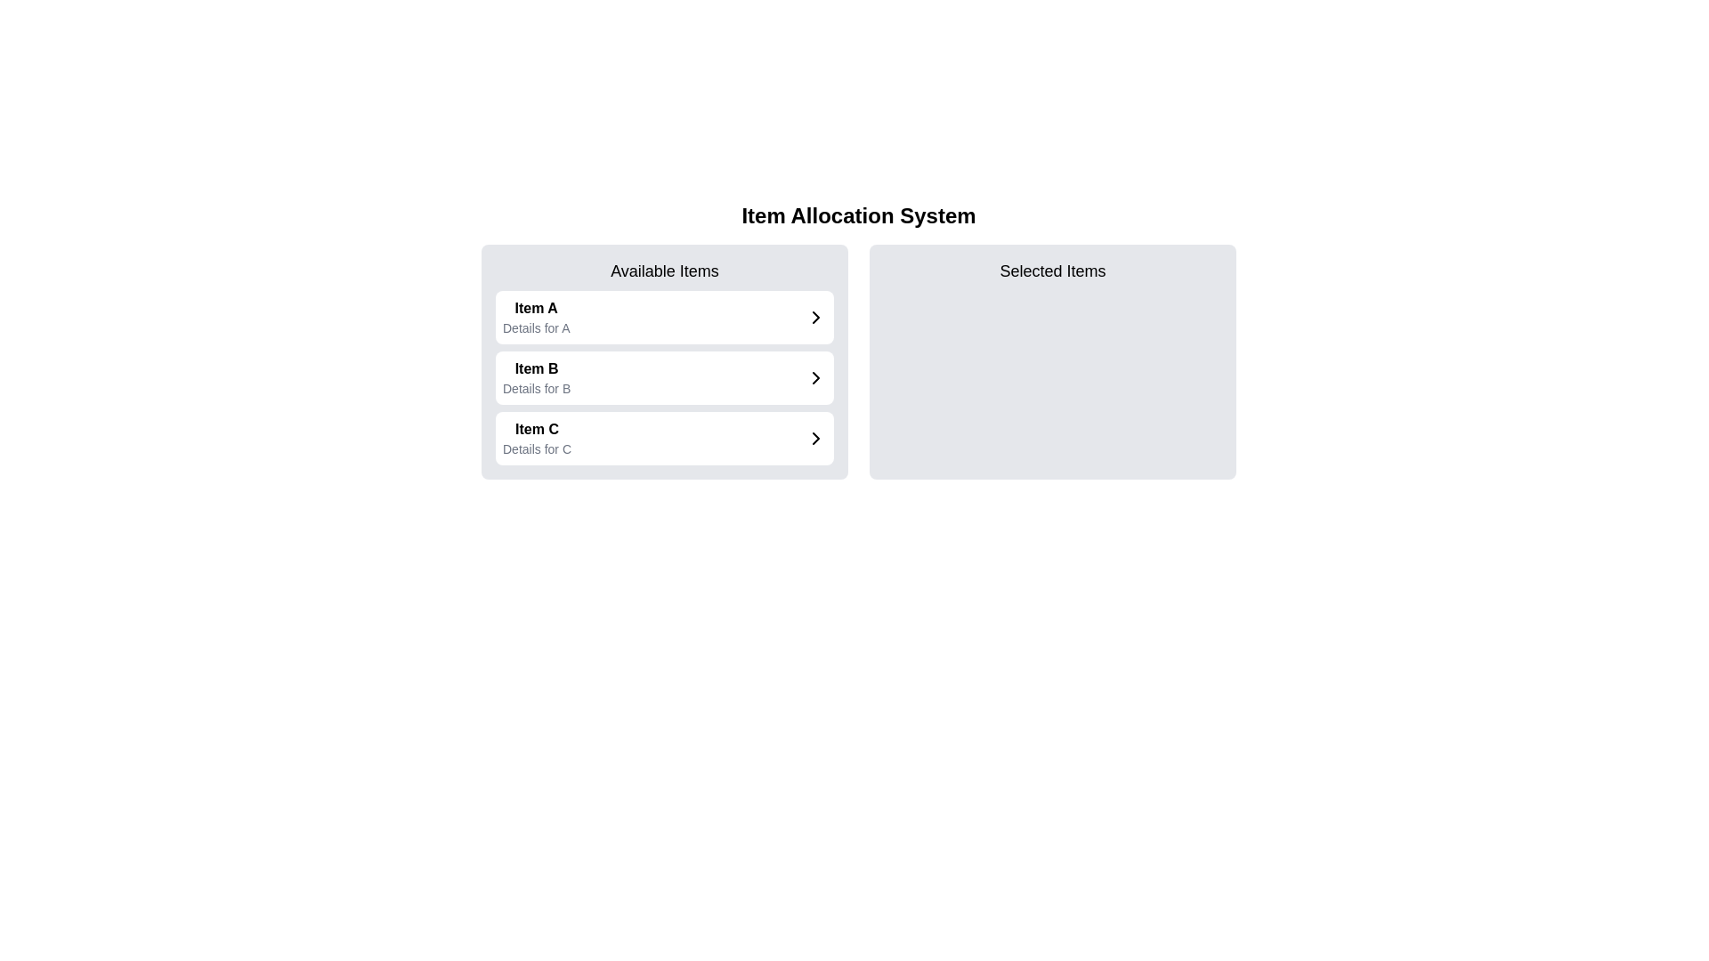 The height and width of the screenshot is (961, 1709). What do you see at coordinates (536, 387) in the screenshot?
I see `text label 'Details for B' positioned below the 'Item B' label in the 'Available Items' section` at bounding box center [536, 387].